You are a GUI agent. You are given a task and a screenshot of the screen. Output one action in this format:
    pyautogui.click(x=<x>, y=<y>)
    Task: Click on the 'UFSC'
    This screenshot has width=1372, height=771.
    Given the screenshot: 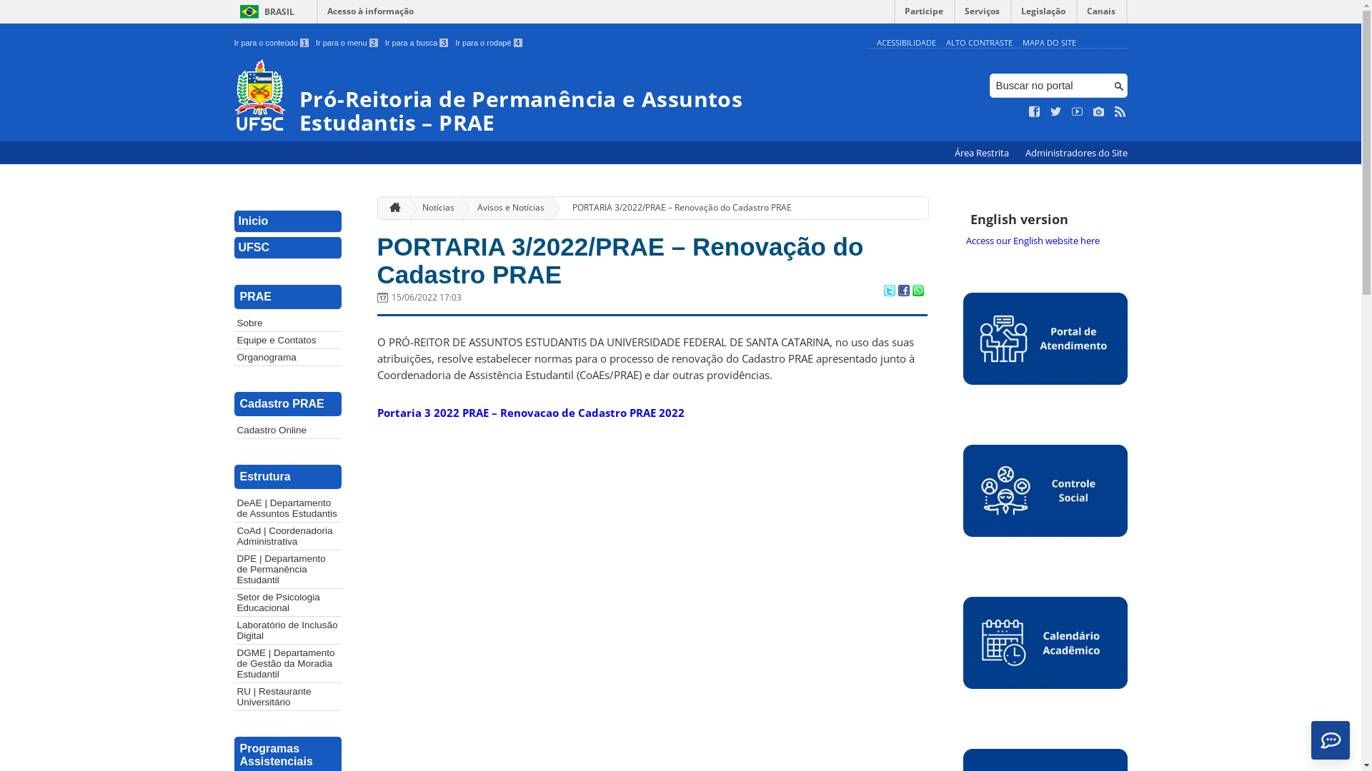 What is the action you would take?
    pyautogui.click(x=287, y=247)
    